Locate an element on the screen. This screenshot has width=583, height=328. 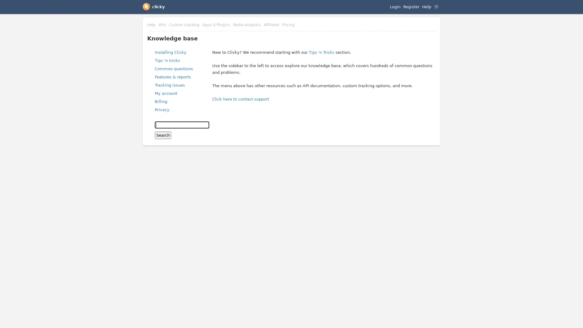
Search is located at coordinates (163, 135).